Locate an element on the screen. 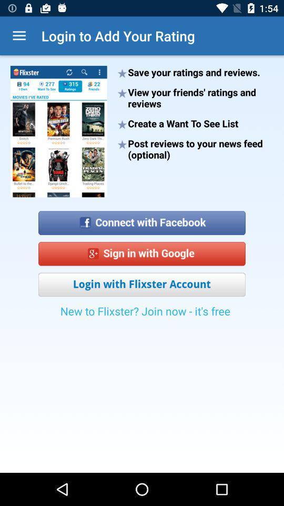  sign in with google is located at coordinates (142, 253).